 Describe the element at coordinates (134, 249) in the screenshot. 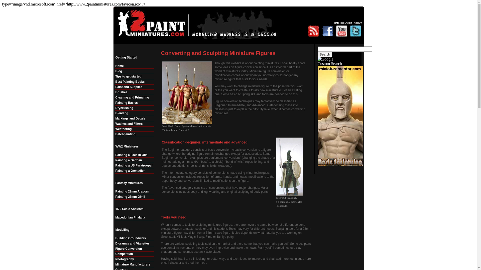

I see `'Figure Conversion'` at that location.